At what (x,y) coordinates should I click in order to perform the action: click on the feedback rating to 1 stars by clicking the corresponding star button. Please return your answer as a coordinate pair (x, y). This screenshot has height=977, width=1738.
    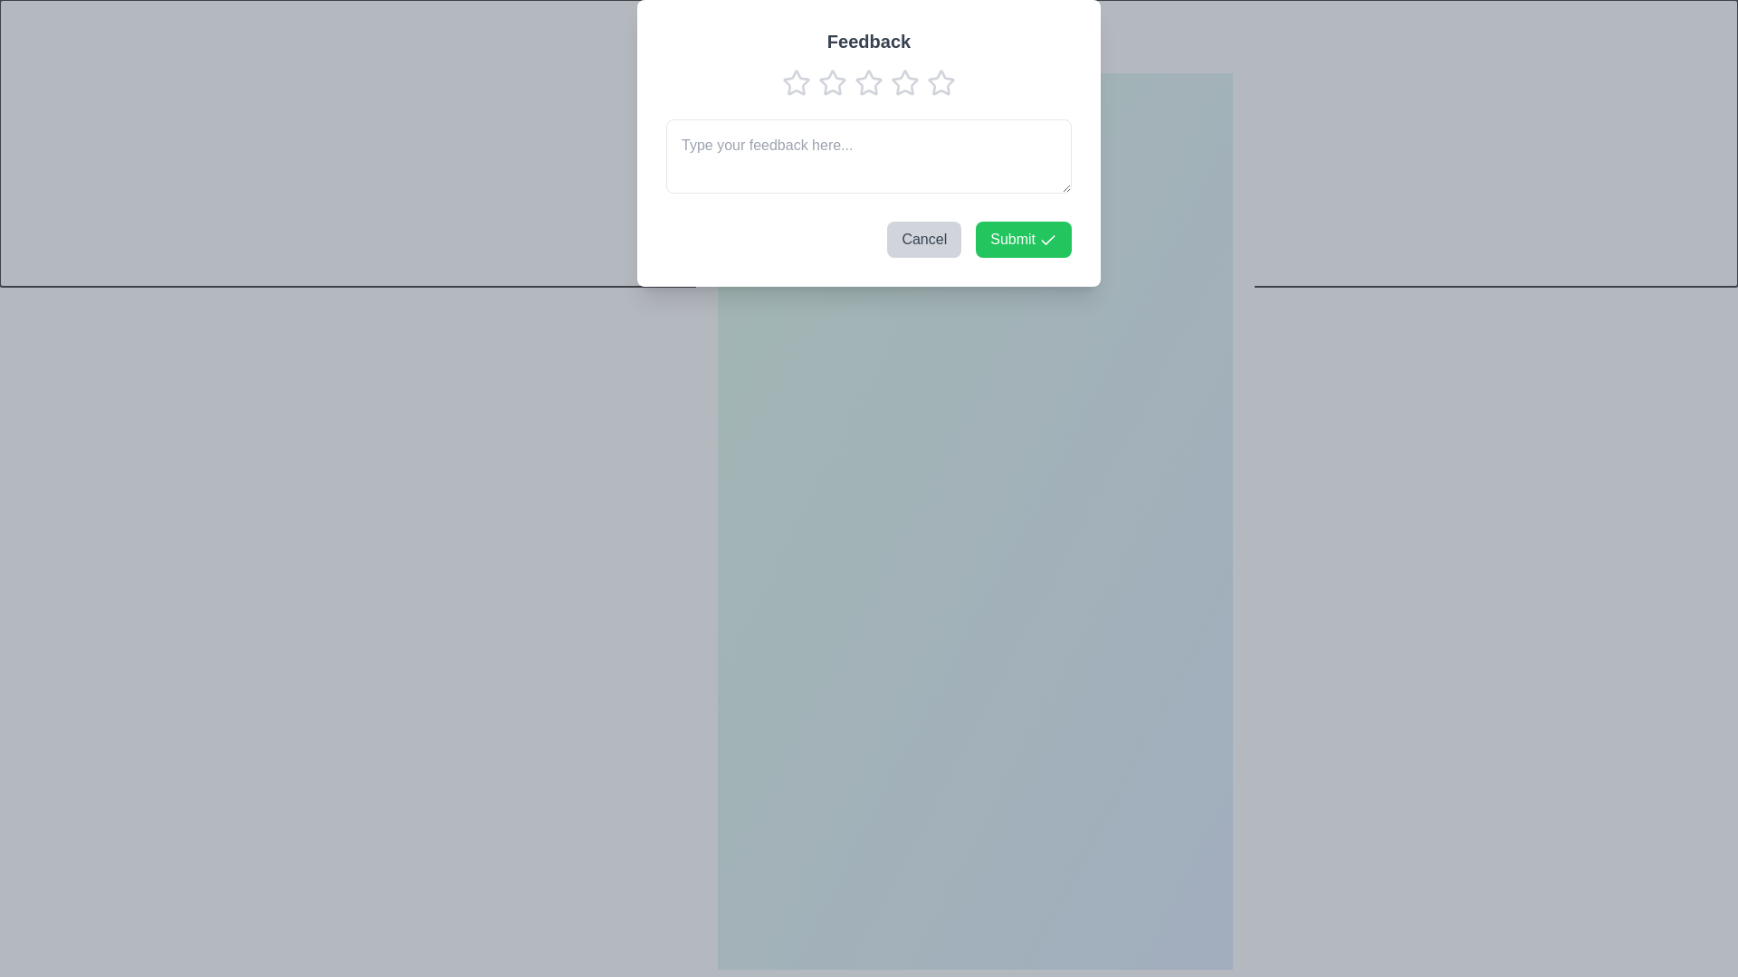
    Looking at the image, I should click on (724, 90).